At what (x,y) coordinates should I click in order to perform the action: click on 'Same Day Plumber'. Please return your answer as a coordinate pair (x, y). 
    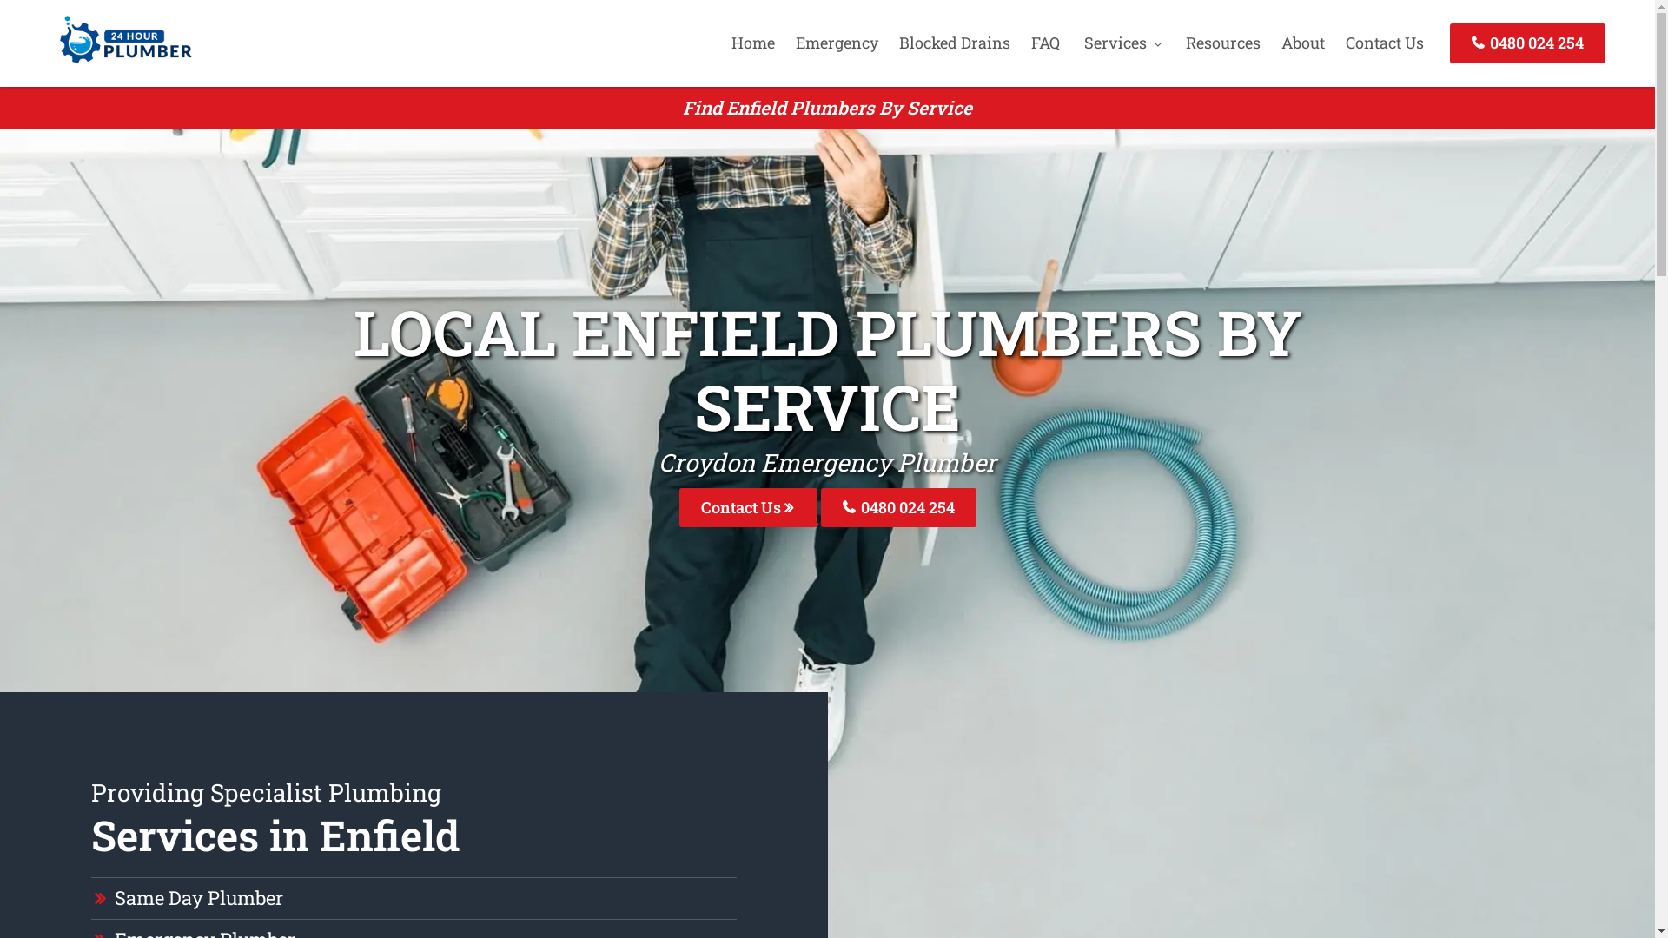
    Looking at the image, I should click on (199, 898).